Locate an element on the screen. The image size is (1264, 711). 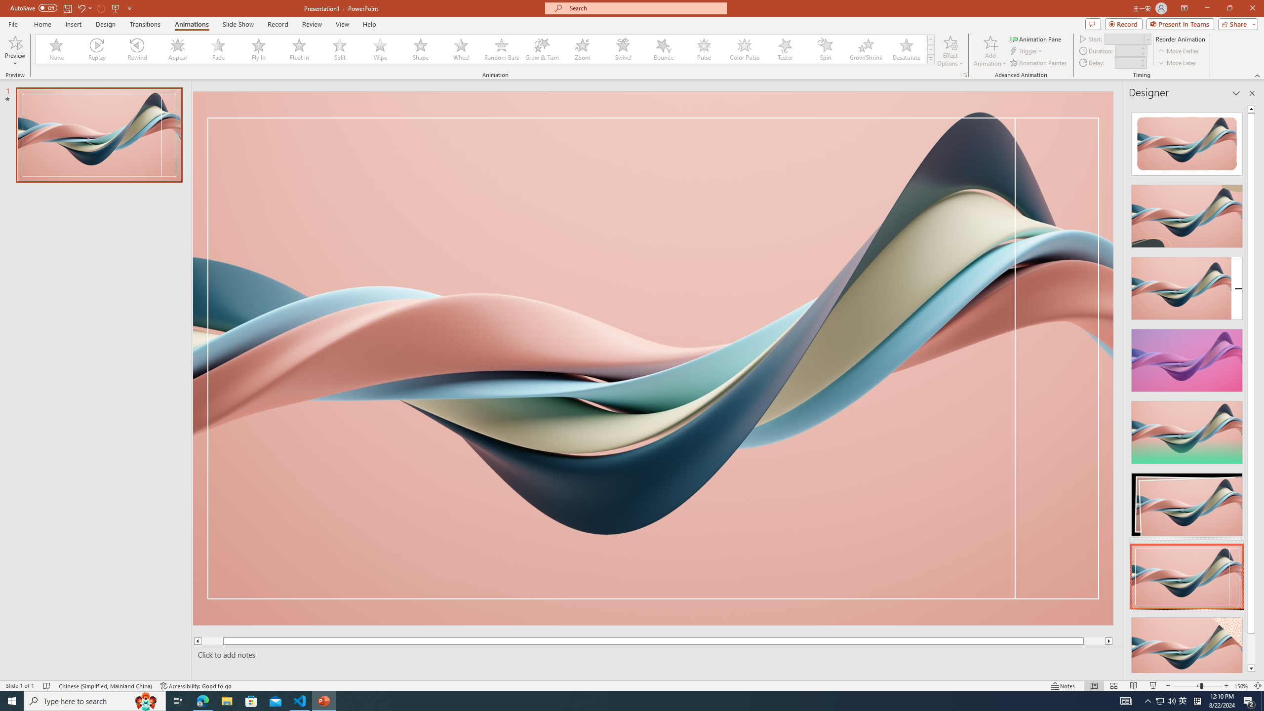
'Wheel' is located at coordinates (461, 49).